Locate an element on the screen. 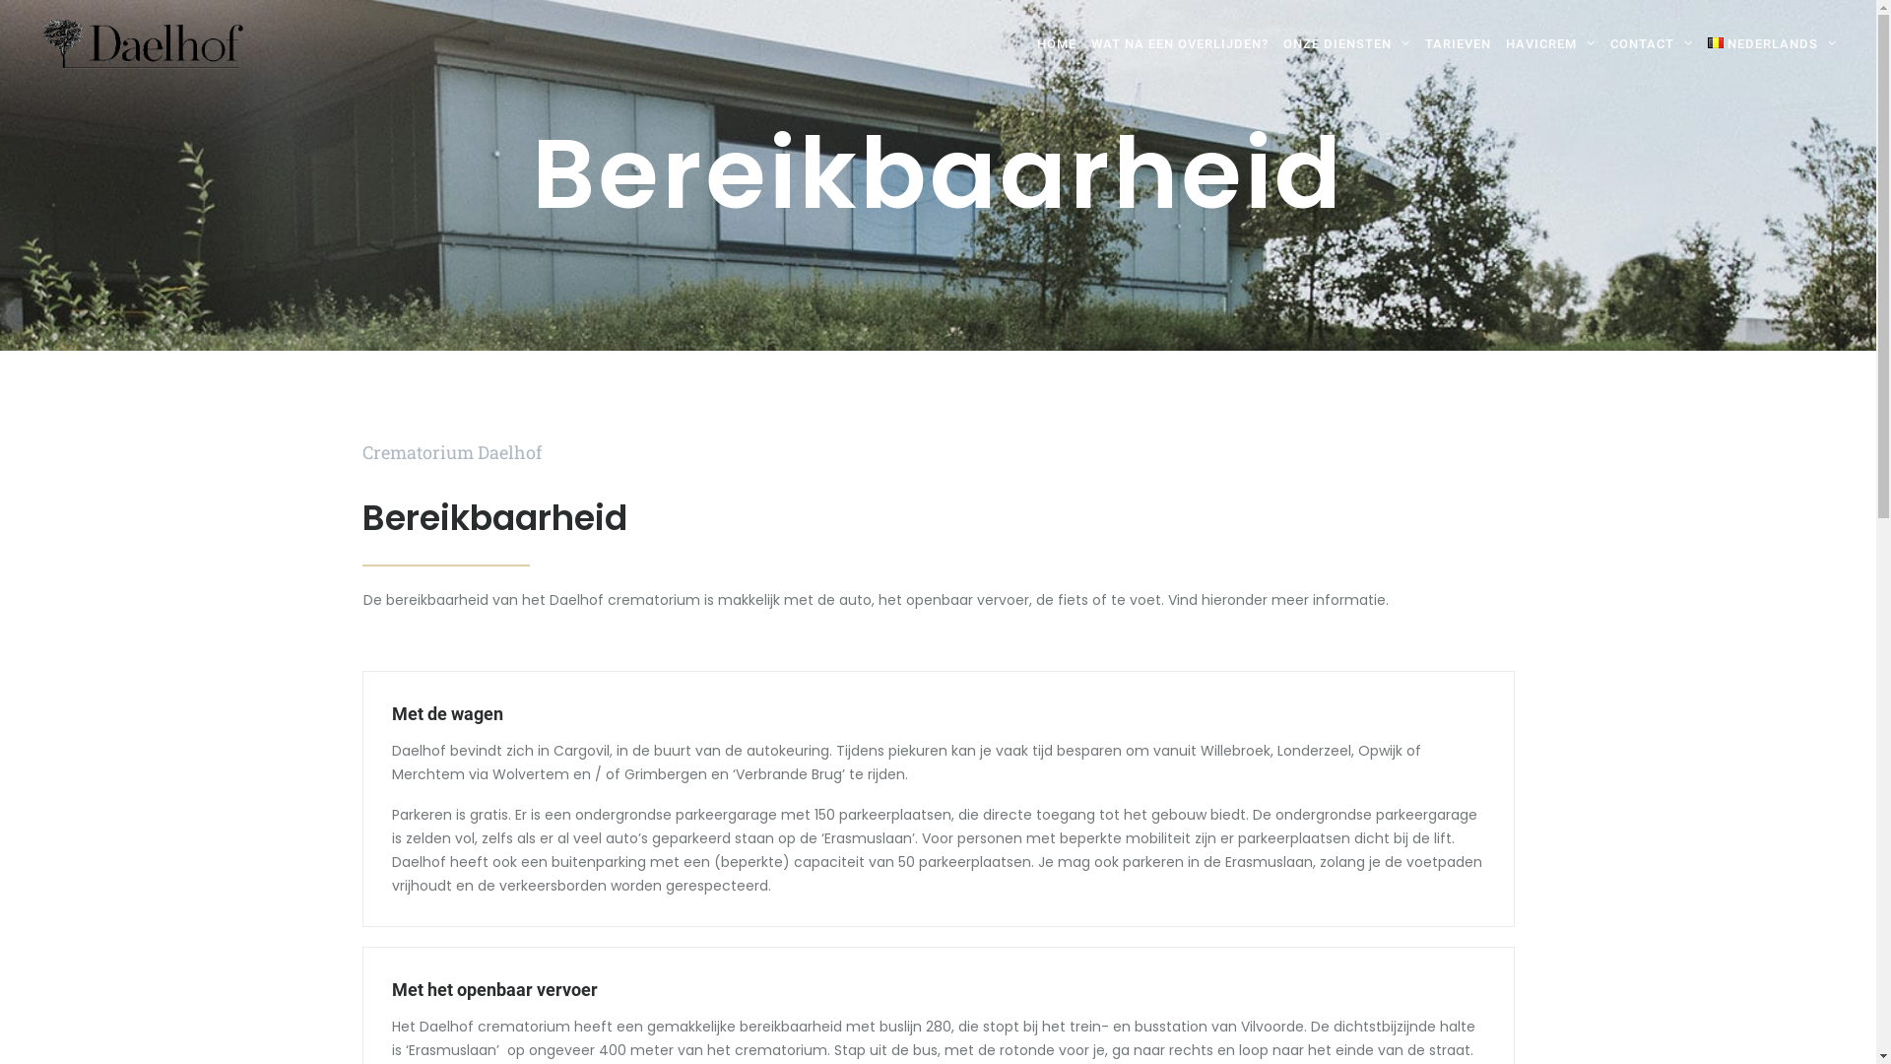 This screenshot has width=1891, height=1064. 'WAT NA EEN OVERLIJDEN?' is located at coordinates (1082, 44).